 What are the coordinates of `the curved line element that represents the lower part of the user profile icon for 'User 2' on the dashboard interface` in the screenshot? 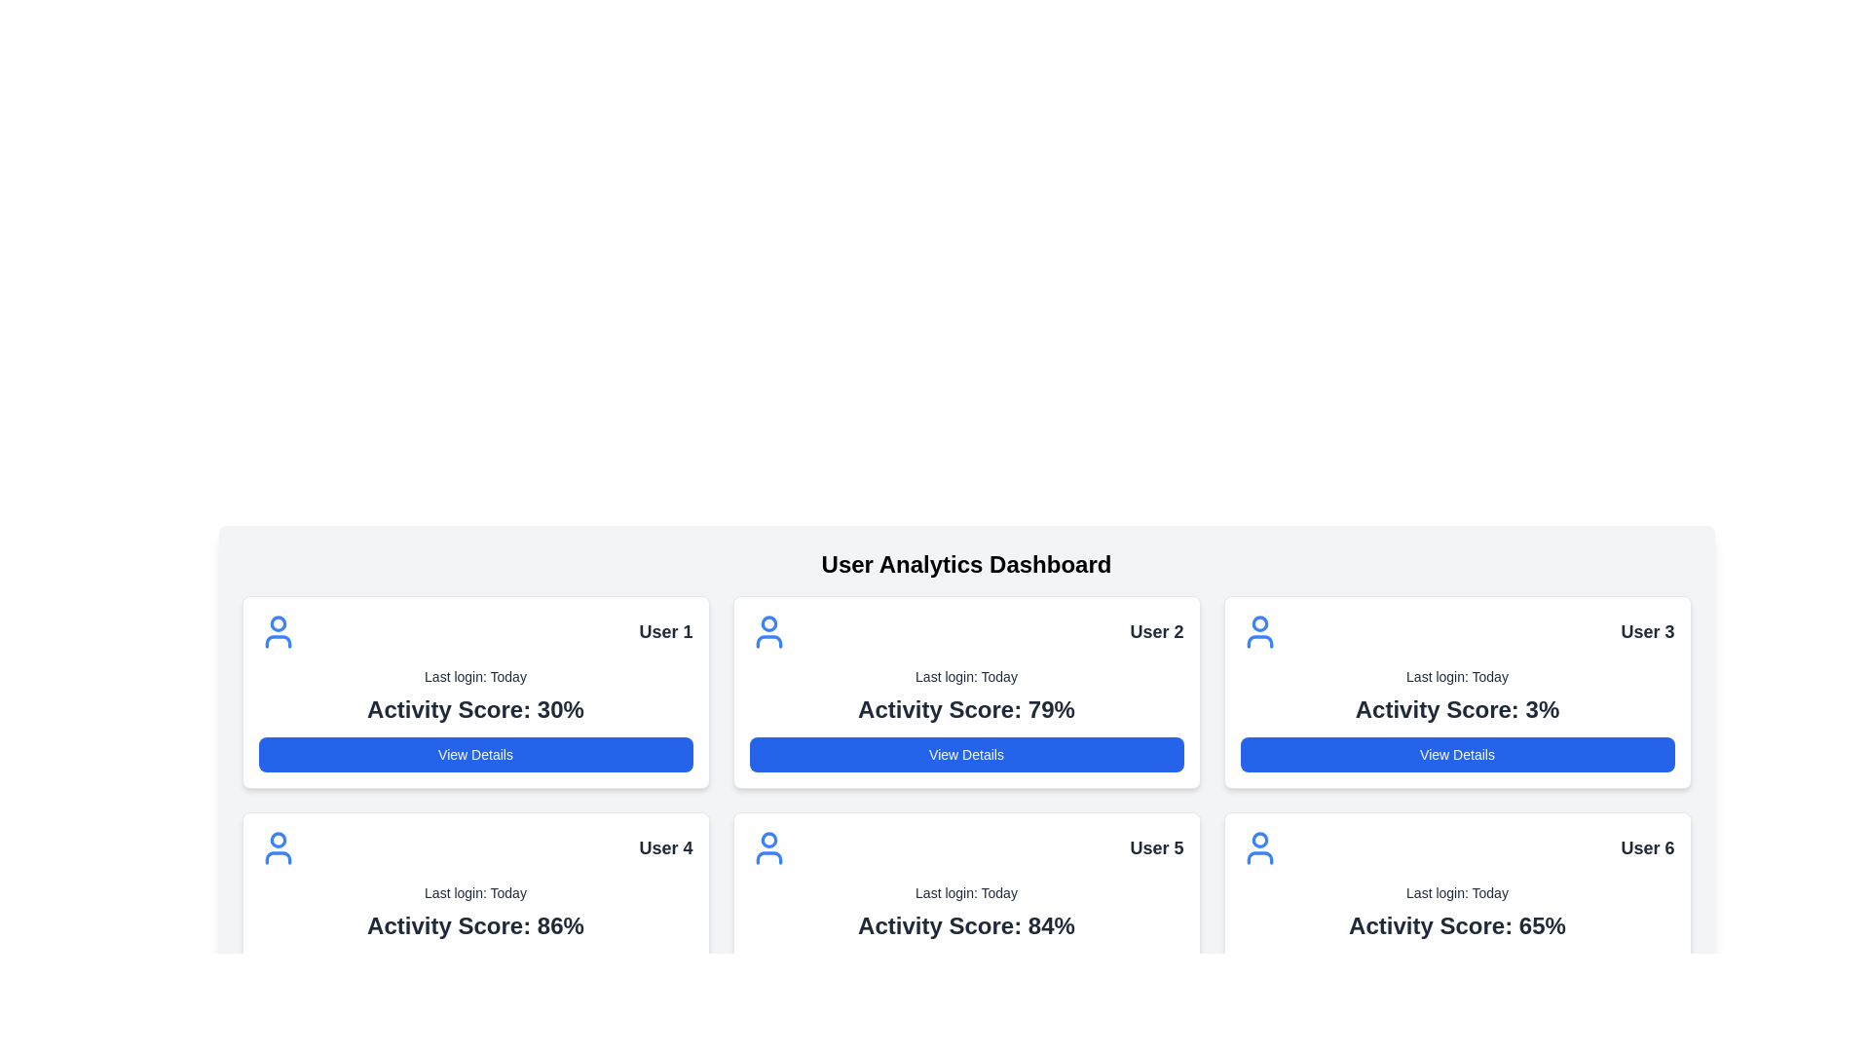 It's located at (767, 642).